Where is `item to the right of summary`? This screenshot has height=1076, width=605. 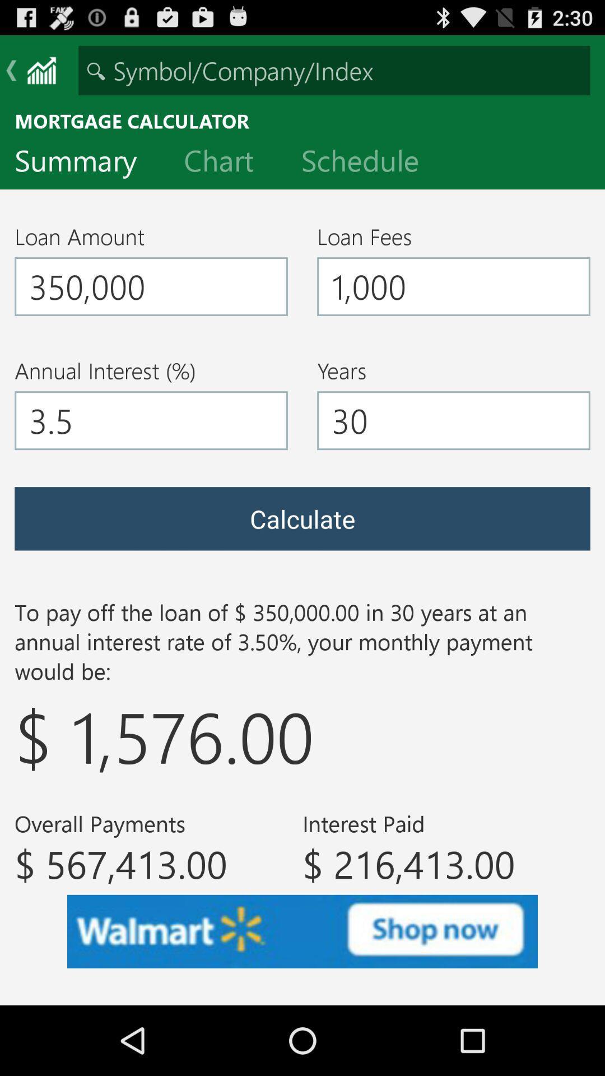
item to the right of summary is located at coordinates (227, 163).